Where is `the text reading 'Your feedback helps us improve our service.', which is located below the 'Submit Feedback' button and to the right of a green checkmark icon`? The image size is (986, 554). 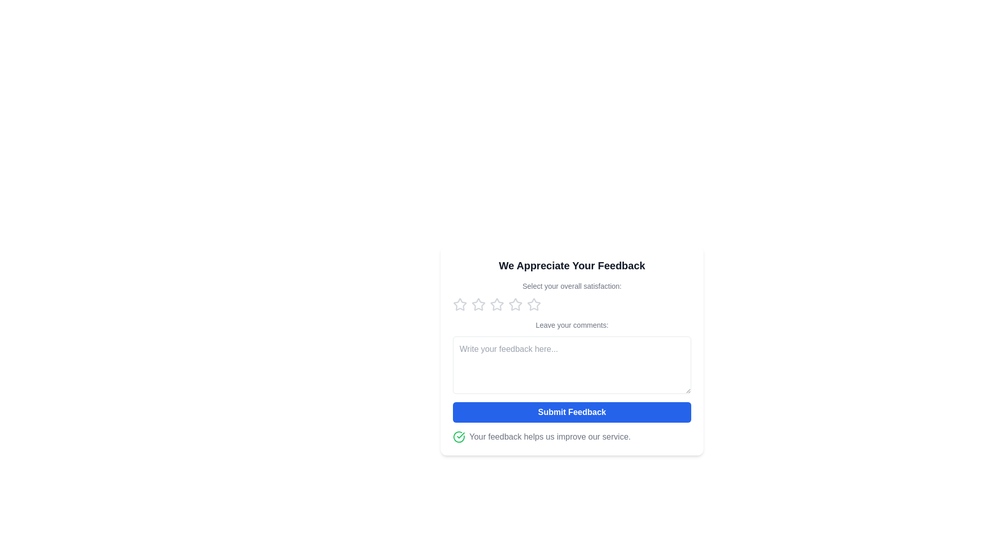 the text reading 'Your feedback helps us improve our service.', which is located below the 'Submit Feedback' button and to the right of a green checkmark icon is located at coordinates (549, 437).